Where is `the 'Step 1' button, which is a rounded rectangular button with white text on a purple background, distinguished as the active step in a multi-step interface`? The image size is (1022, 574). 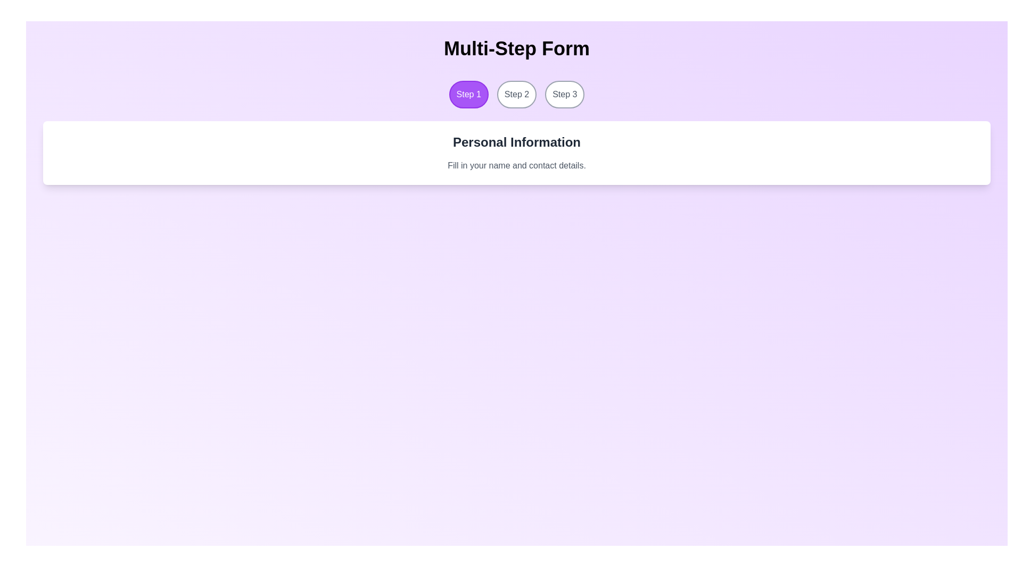
the 'Step 1' button, which is a rounded rectangular button with white text on a purple background, distinguished as the active step in a multi-step interface is located at coordinates (468, 94).